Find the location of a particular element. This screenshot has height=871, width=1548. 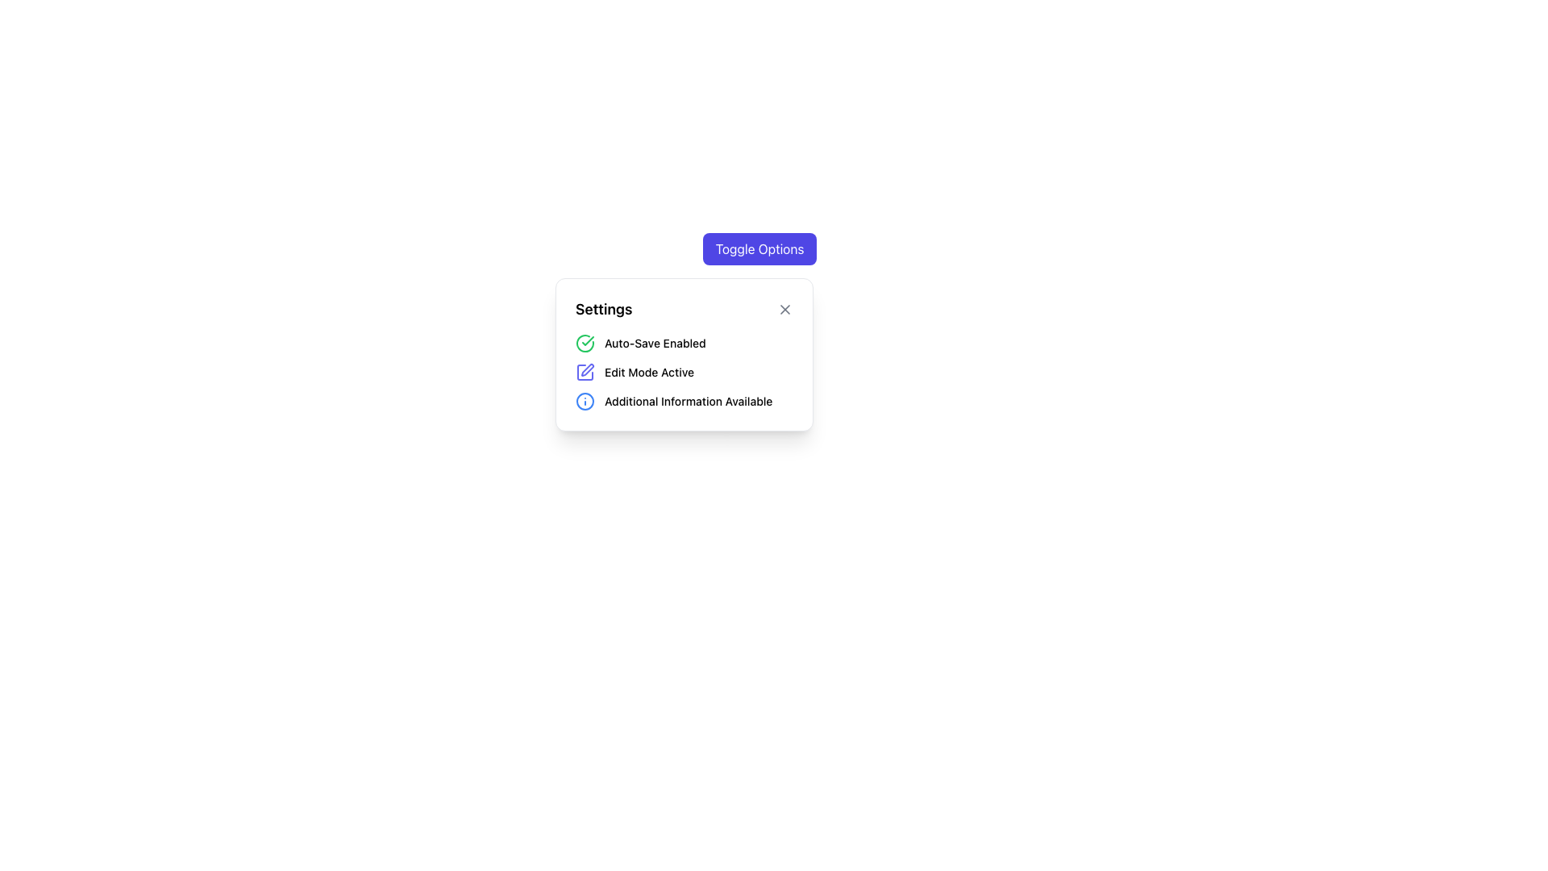

the 'Toggle Options' button with rounded corners and a vibrant purple background is located at coordinates (759, 248).